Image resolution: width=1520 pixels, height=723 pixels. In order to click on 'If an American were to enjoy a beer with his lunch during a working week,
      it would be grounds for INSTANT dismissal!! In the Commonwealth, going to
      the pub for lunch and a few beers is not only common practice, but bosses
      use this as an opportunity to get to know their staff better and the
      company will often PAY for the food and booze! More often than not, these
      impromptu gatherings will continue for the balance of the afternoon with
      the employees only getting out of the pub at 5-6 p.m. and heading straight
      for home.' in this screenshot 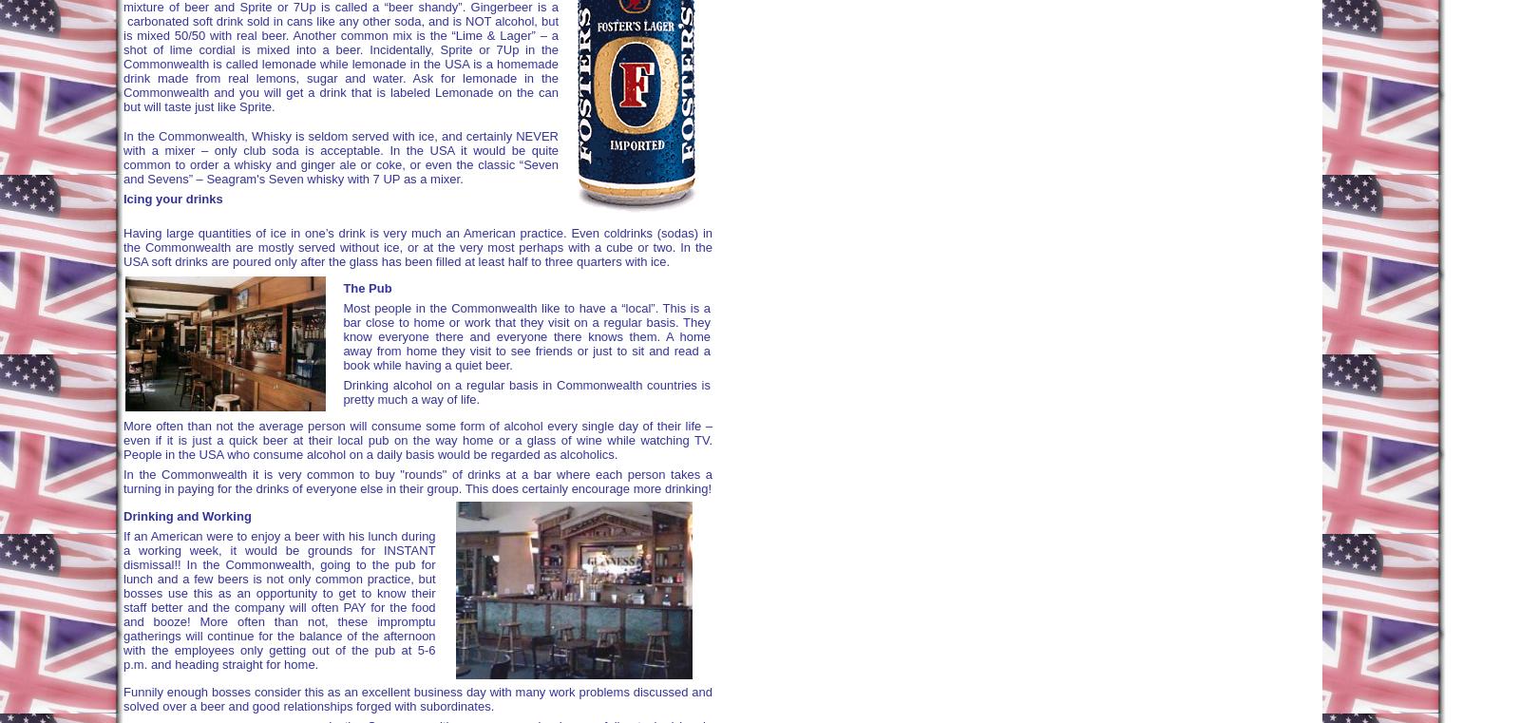, I will do `click(278, 599)`.